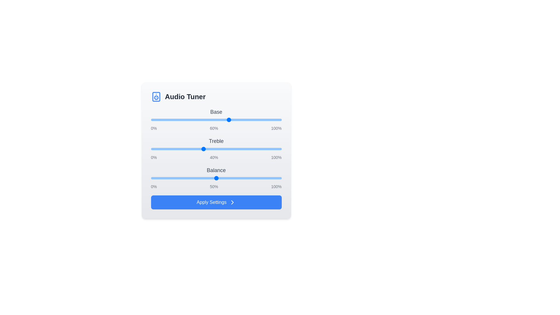  What do you see at coordinates (199, 120) in the screenshot?
I see `the 0 slider to 37%` at bounding box center [199, 120].